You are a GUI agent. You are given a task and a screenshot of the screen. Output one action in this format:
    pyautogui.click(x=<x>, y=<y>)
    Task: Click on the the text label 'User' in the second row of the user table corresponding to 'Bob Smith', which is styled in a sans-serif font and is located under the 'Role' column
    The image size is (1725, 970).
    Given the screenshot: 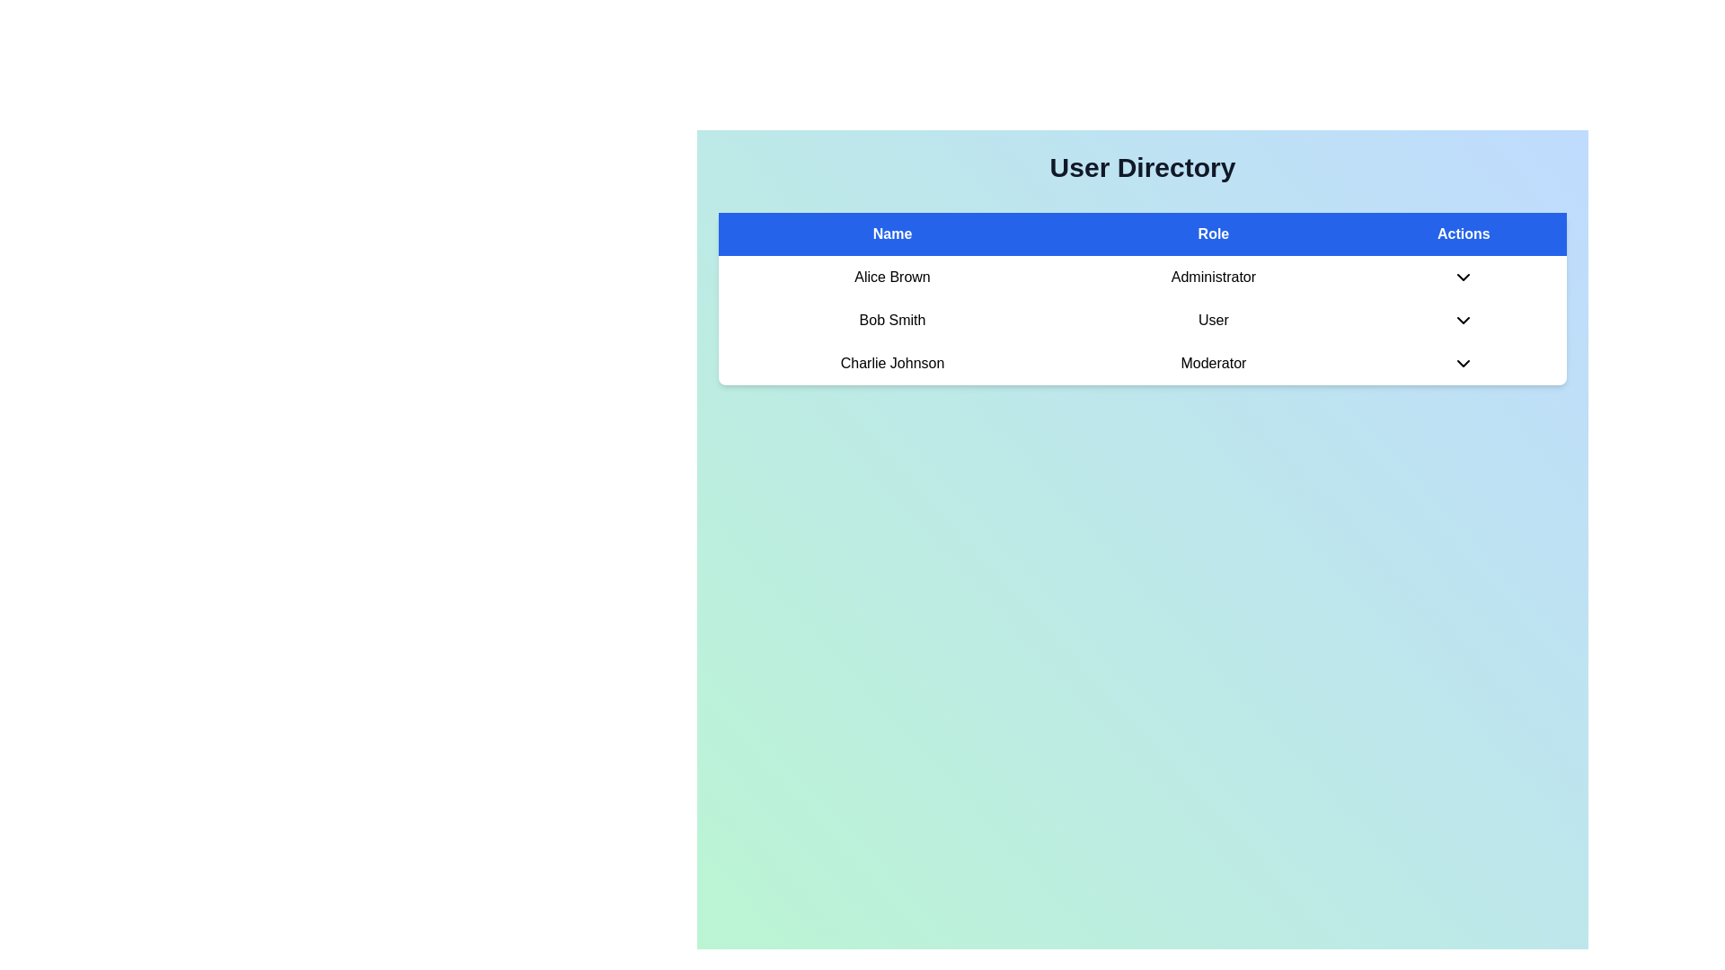 What is the action you would take?
    pyautogui.click(x=1213, y=320)
    